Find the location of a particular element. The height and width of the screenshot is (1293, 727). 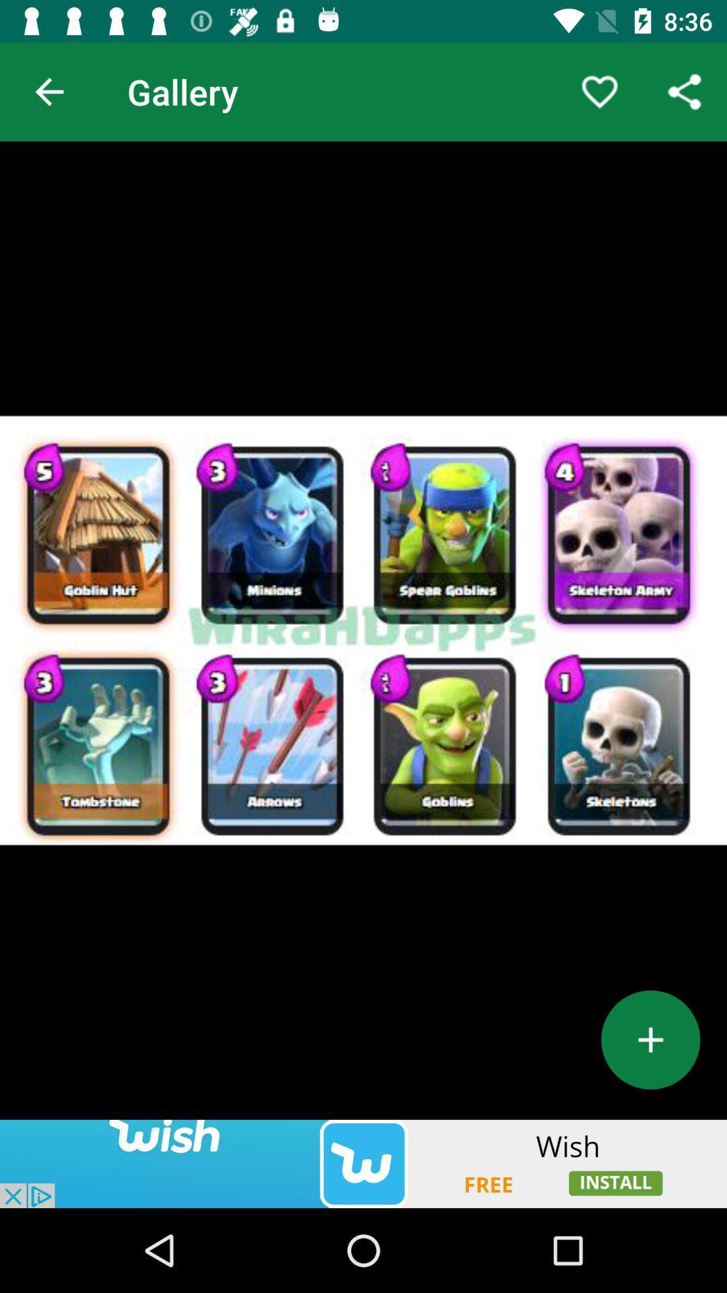

website is located at coordinates (363, 1163).